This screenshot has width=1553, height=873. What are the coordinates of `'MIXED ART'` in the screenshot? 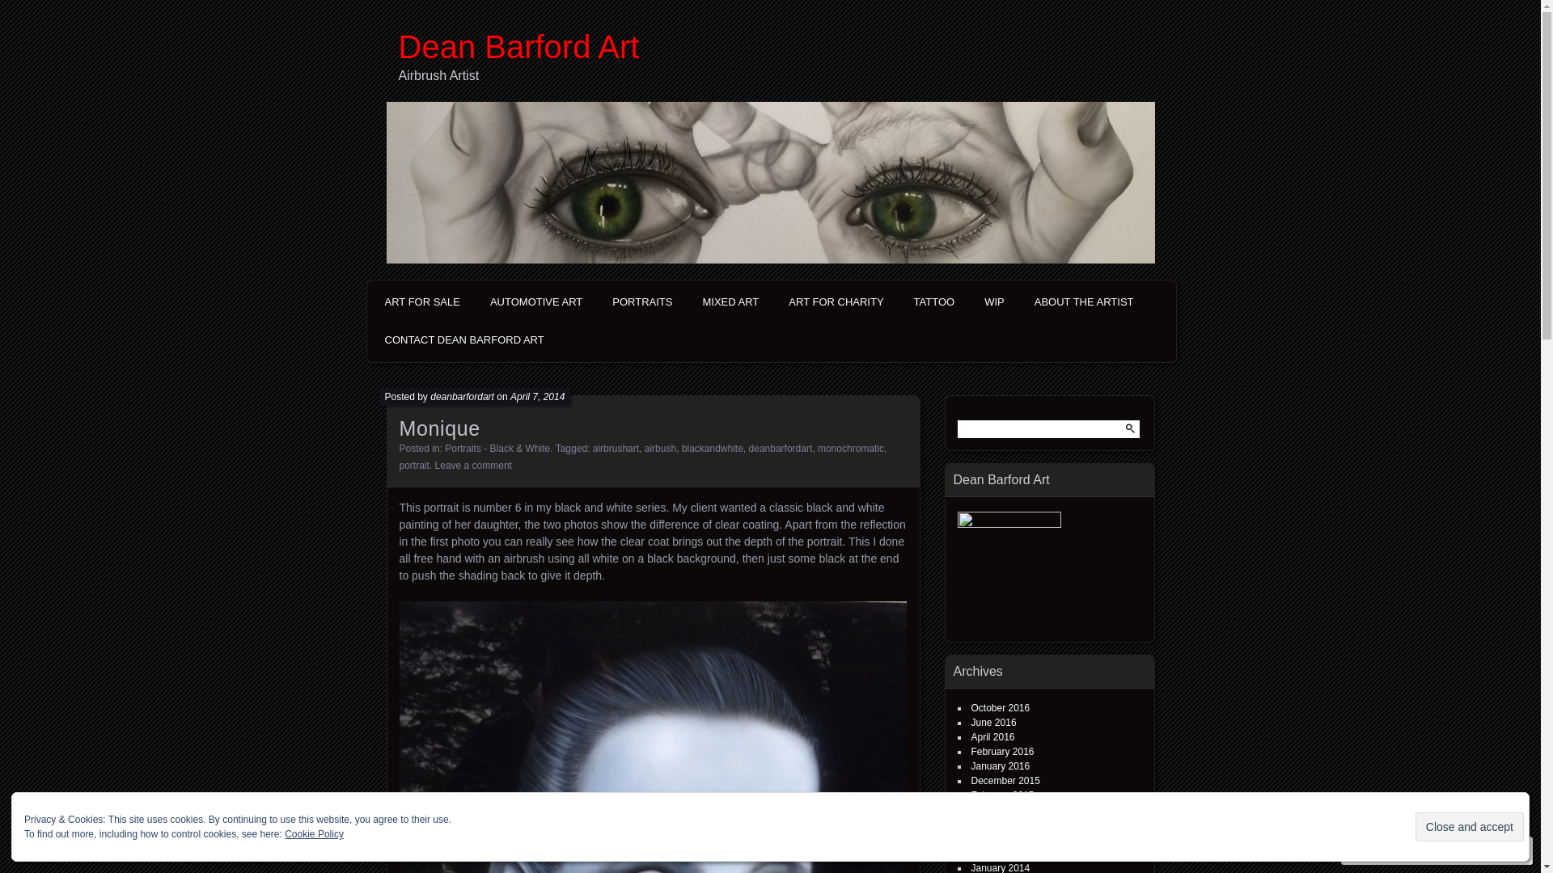 It's located at (729, 302).